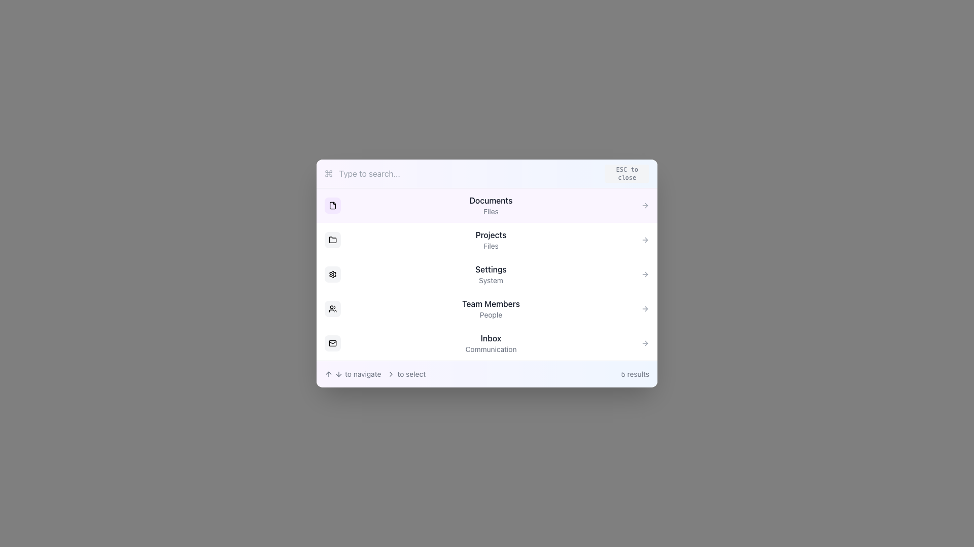  What do you see at coordinates (329, 173) in the screenshot?
I see `the decorative graphic icon located at the top left section of the window, near the 'Type to search...' text input field` at bounding box center [329, 173].